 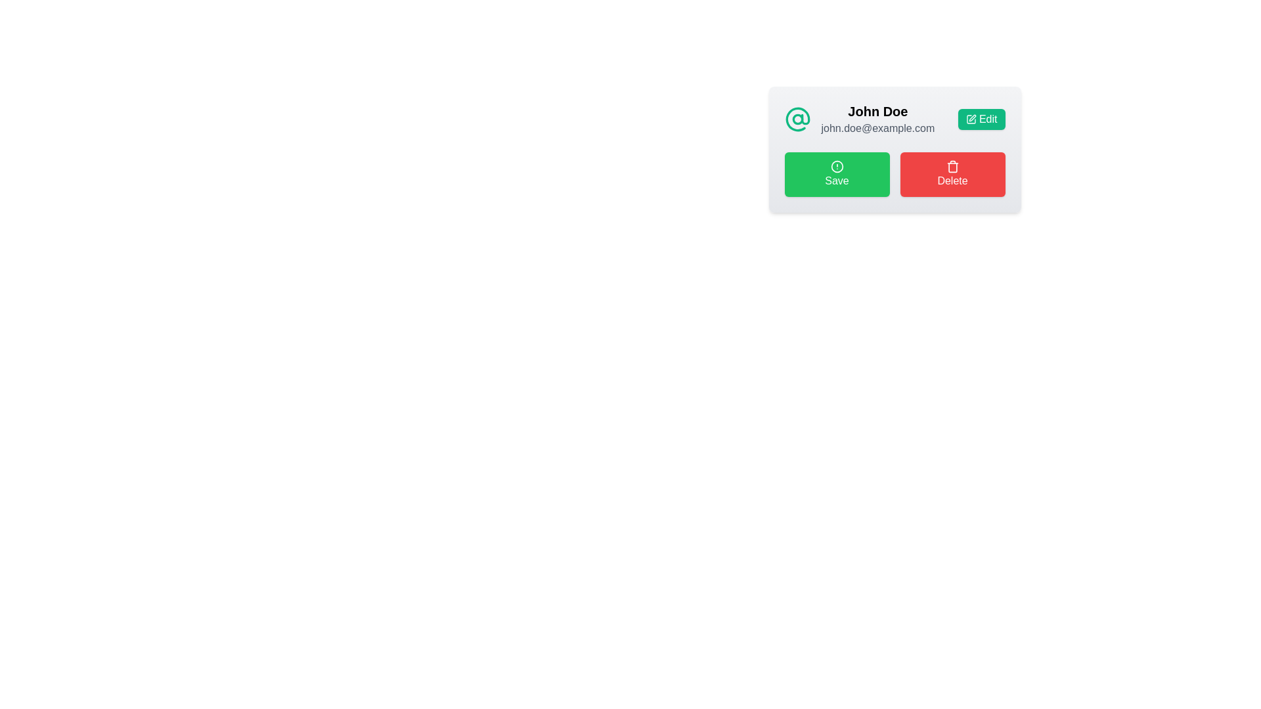 I want to click on the at-sign icon with a green outline located in the profile card section, adjacent to the user name 'John Doe' and email address, so click(x=797, y=119).